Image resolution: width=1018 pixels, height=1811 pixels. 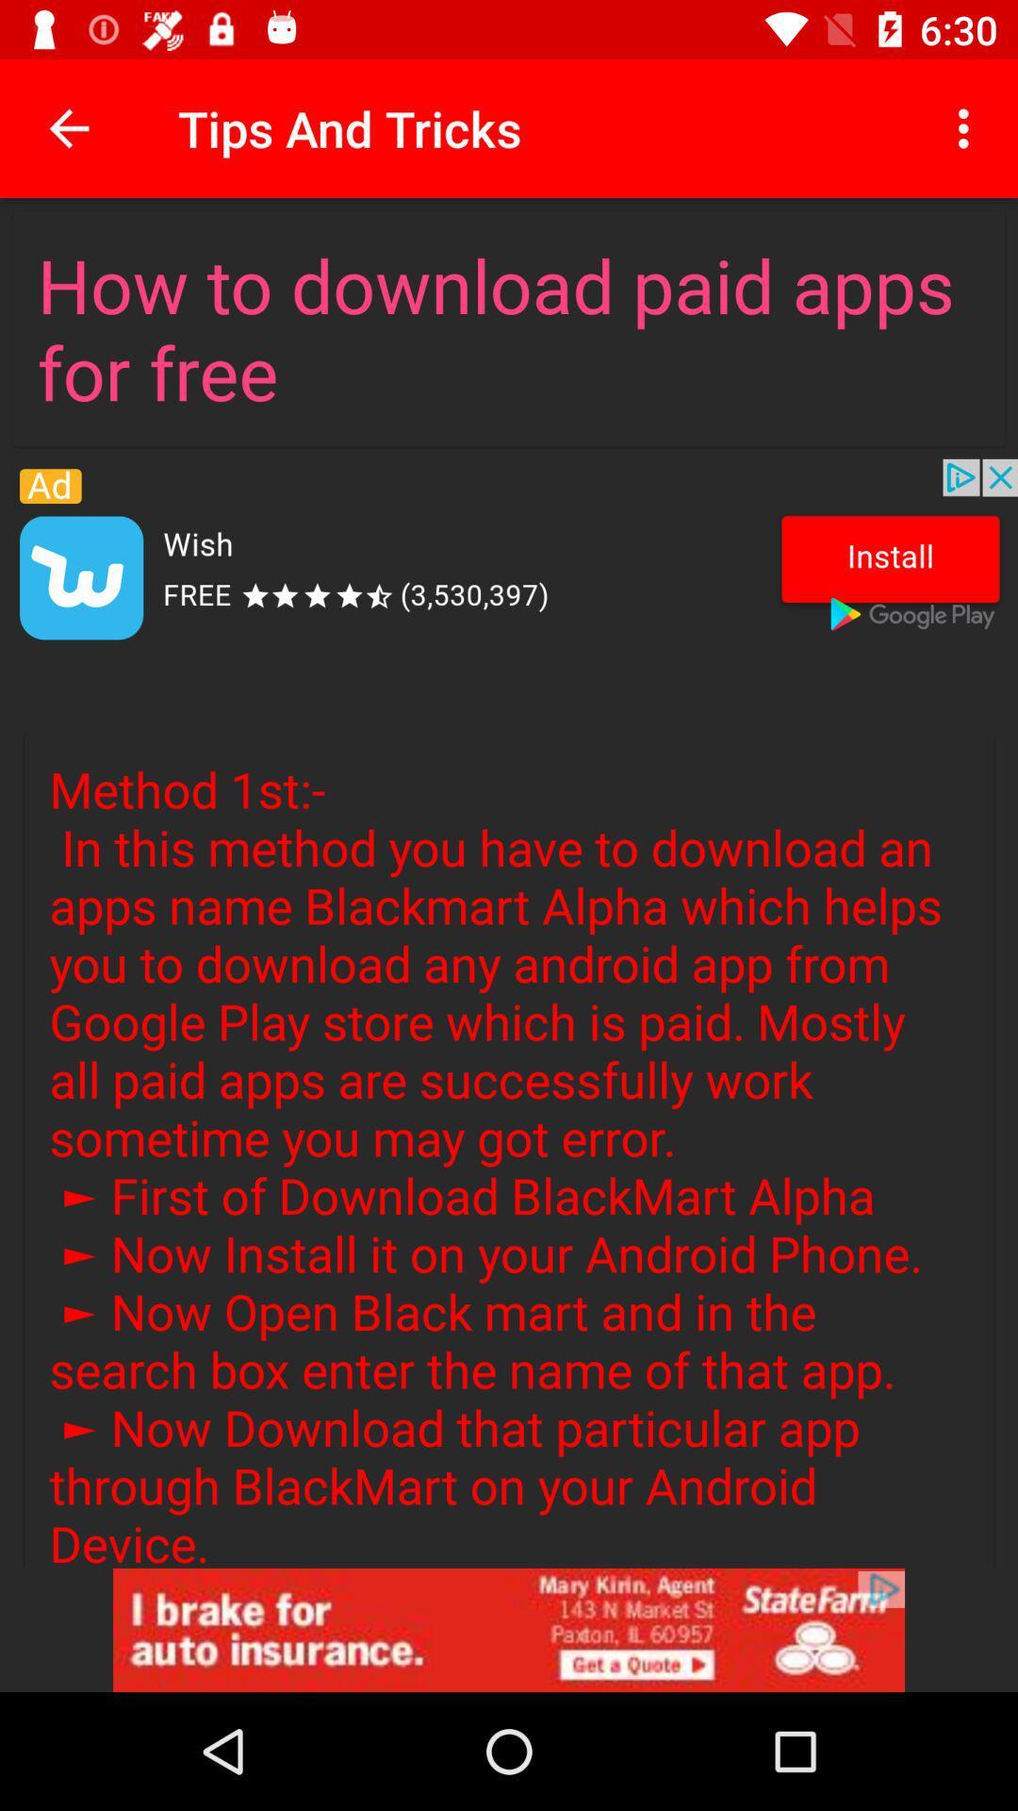 I want to click on the adversitement, so click(x=509, y=557).